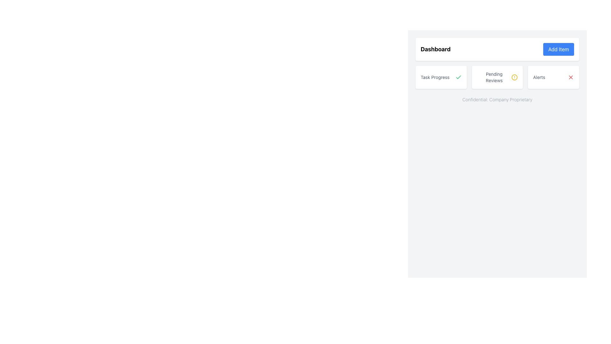  Describe the element at coordinates (441, 77) in the screenshot. I see `the 'Task Progress' card, which serves as a summary or status indicator for task progress and is positioned as the first card in a horizontal row of three cards` at that location.